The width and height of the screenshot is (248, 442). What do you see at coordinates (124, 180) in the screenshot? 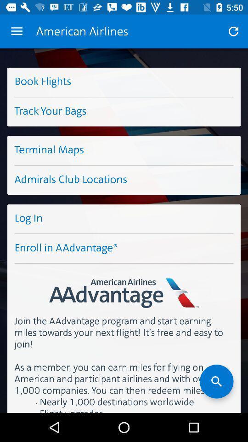
I see `item above log in item` at bounding box center [124, 180].